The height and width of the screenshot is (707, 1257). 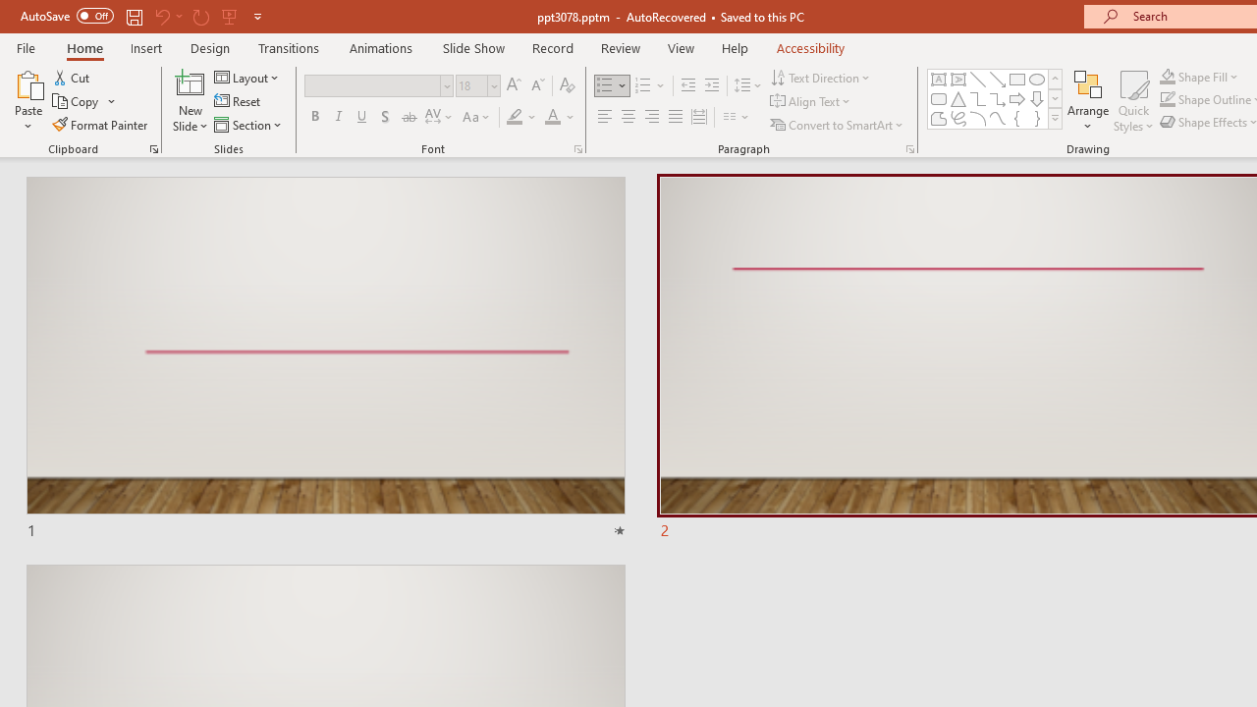 What do you see at coordinates (687, 84) in the screenshot?
I see `'Decrease Indent'` at bounding box center [687, 84].